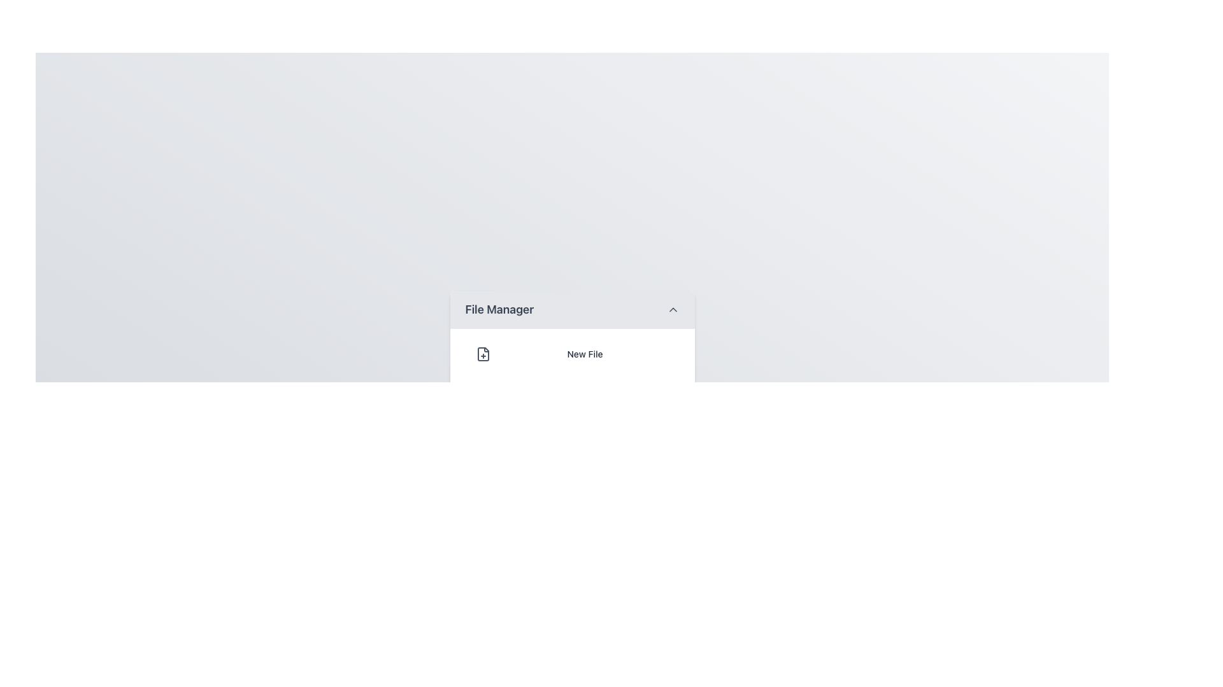 The width and height of the screenshot is (1223, 687). Describe the element at coordinates (672, 309) in the screenshot. I see `the 'collapse' button located at the top-right corner of the 'File Manager' header to change the icon color` at that location.